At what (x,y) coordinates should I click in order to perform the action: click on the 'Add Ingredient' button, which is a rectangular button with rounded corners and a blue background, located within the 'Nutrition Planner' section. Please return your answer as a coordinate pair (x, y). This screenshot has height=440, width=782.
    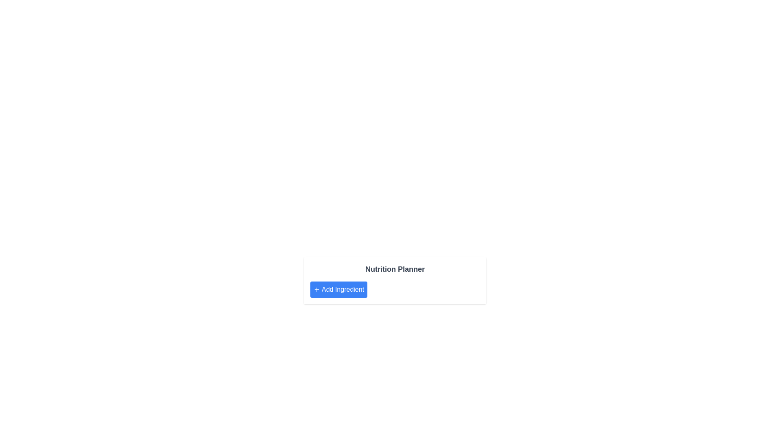
    Looking at the image, I should click on (339, 289).